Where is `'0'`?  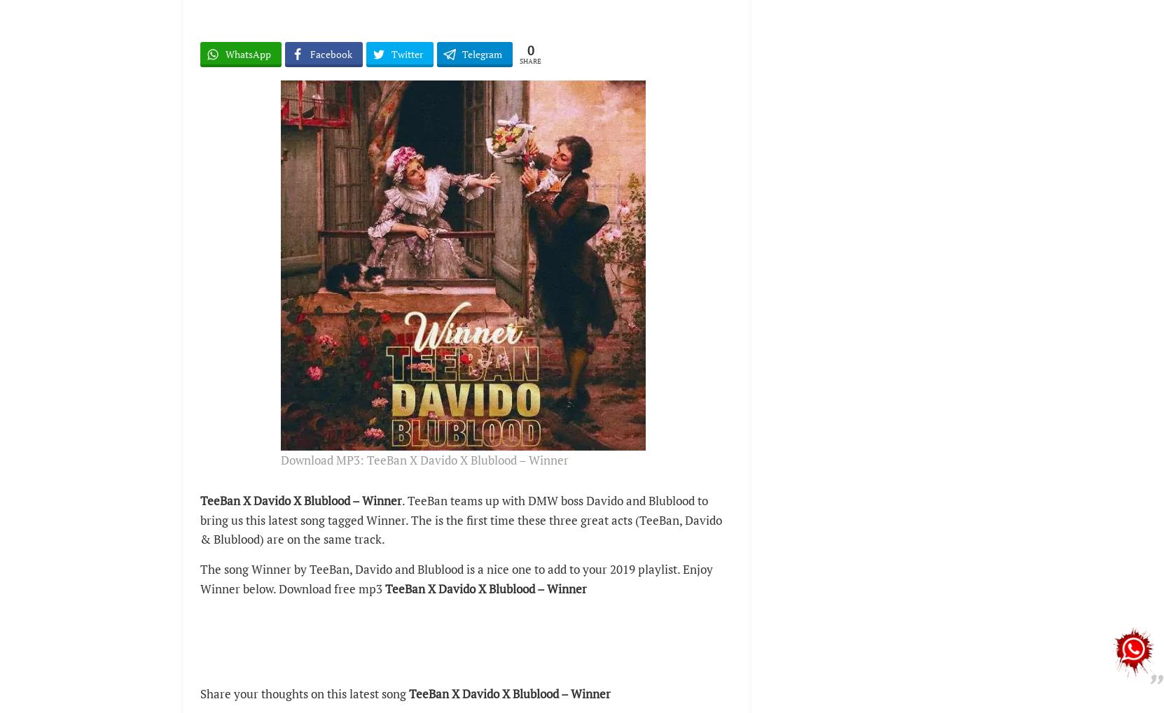
'0' is located at coordinates (527, 50).